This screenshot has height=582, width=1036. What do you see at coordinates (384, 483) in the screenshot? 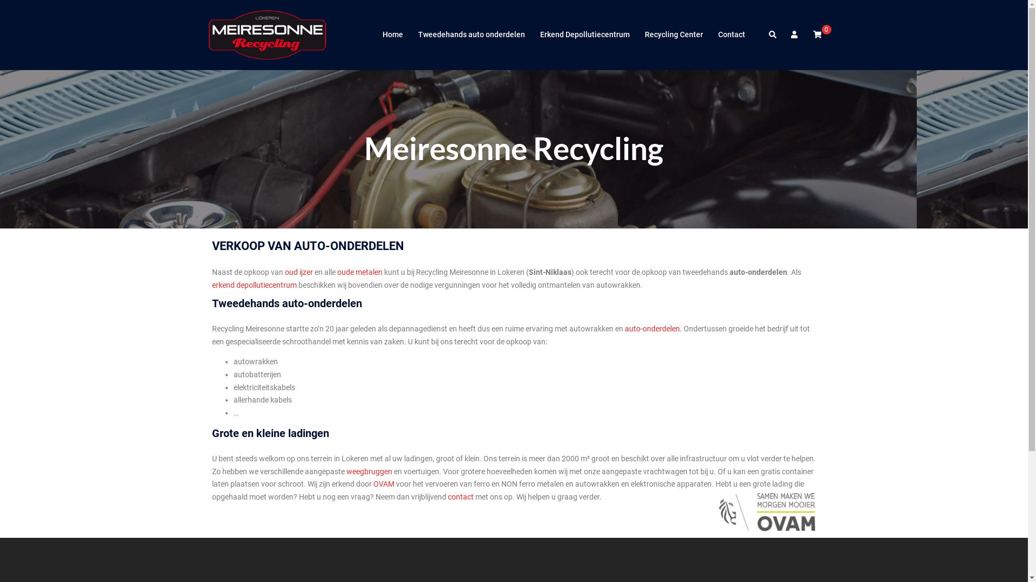
I see `'OVAM'` at bounding box center [384, 483].